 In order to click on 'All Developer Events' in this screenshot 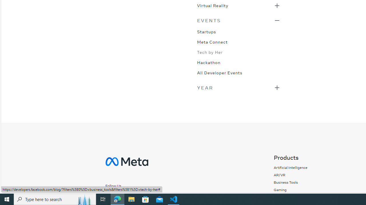, I will do `click(219, 72)`.